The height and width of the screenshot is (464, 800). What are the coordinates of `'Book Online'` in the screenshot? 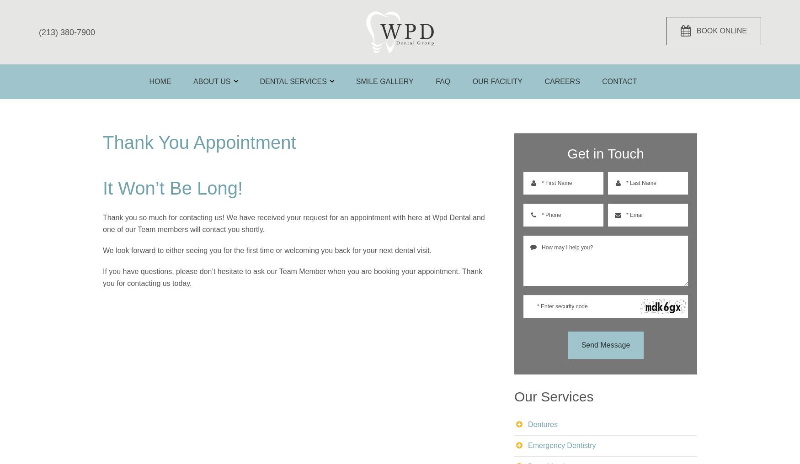 It's located at (720, 31).